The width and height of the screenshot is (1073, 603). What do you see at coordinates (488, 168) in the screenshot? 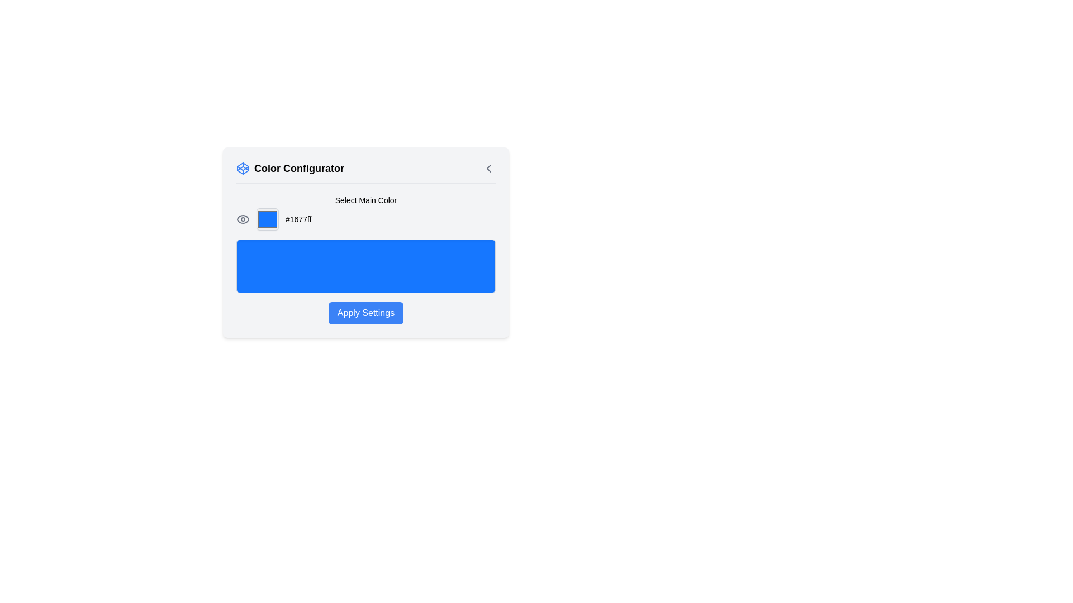
I see `the left-chevron graphical icon in the 'Color Configurator' modal` at bounding box center [488, 168].